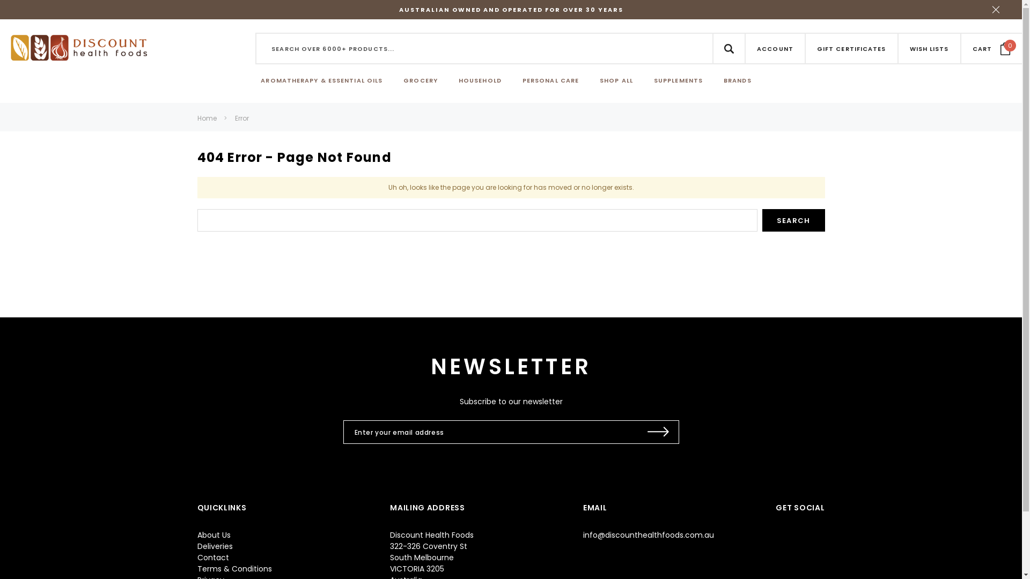  I want to click on 'HOUSEHOLD', so click(458, 80).